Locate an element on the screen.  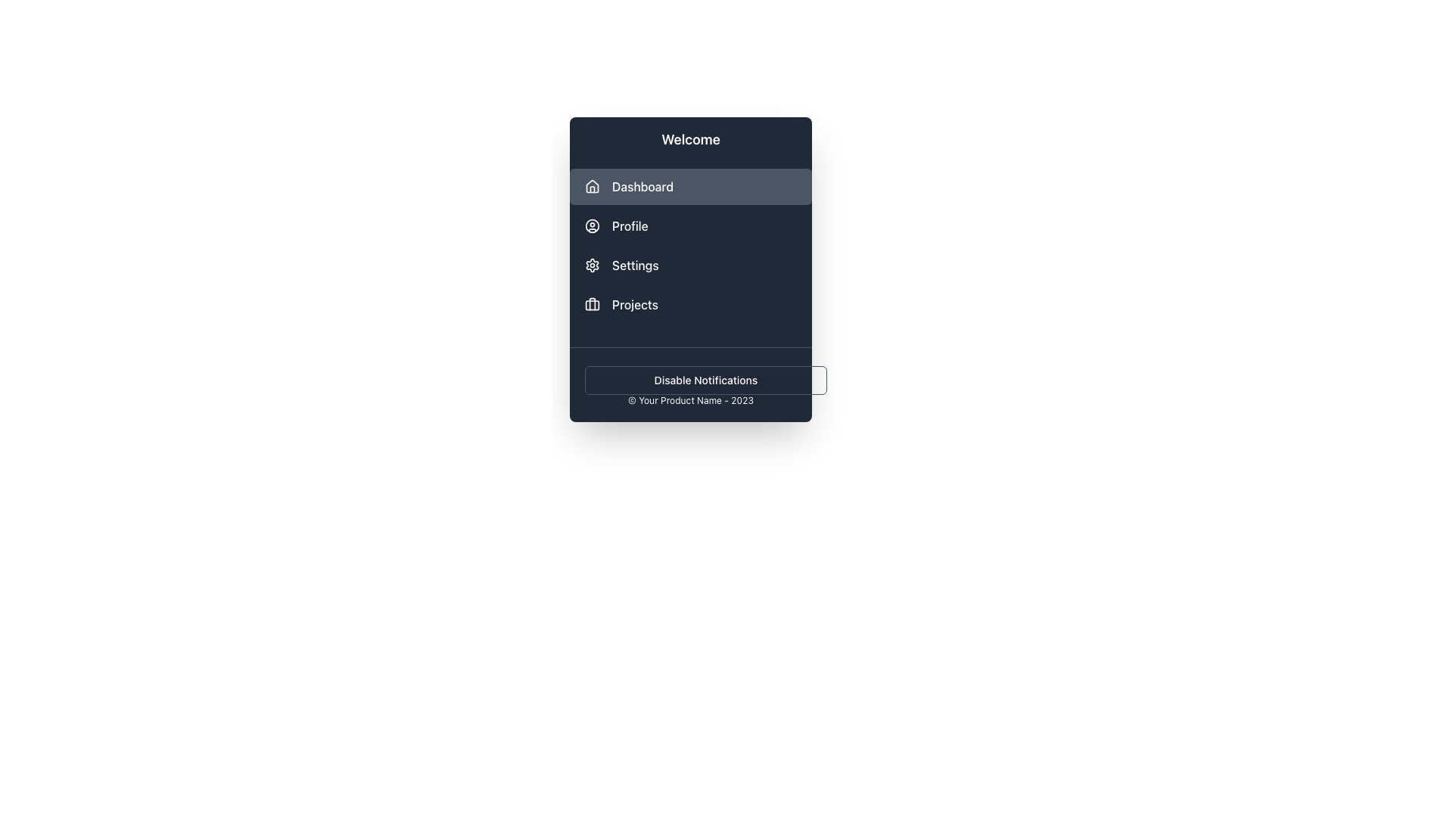
the settings icon located before the text 'Settings' in the vertical menu is located at coordinates (591, 265).